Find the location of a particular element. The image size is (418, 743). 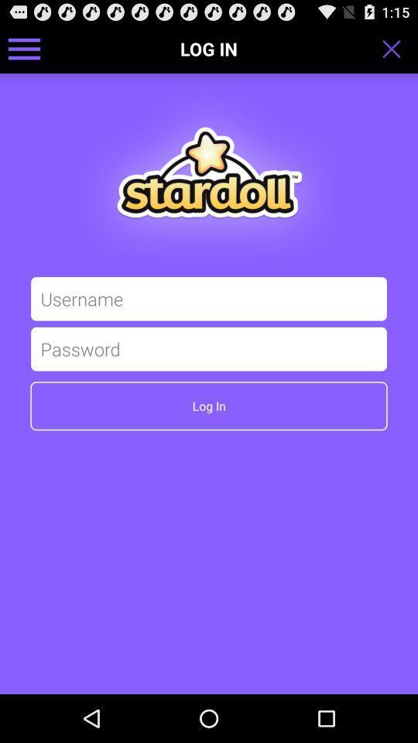

the toggle is used to close the login page is located at coordinates (396, 48).